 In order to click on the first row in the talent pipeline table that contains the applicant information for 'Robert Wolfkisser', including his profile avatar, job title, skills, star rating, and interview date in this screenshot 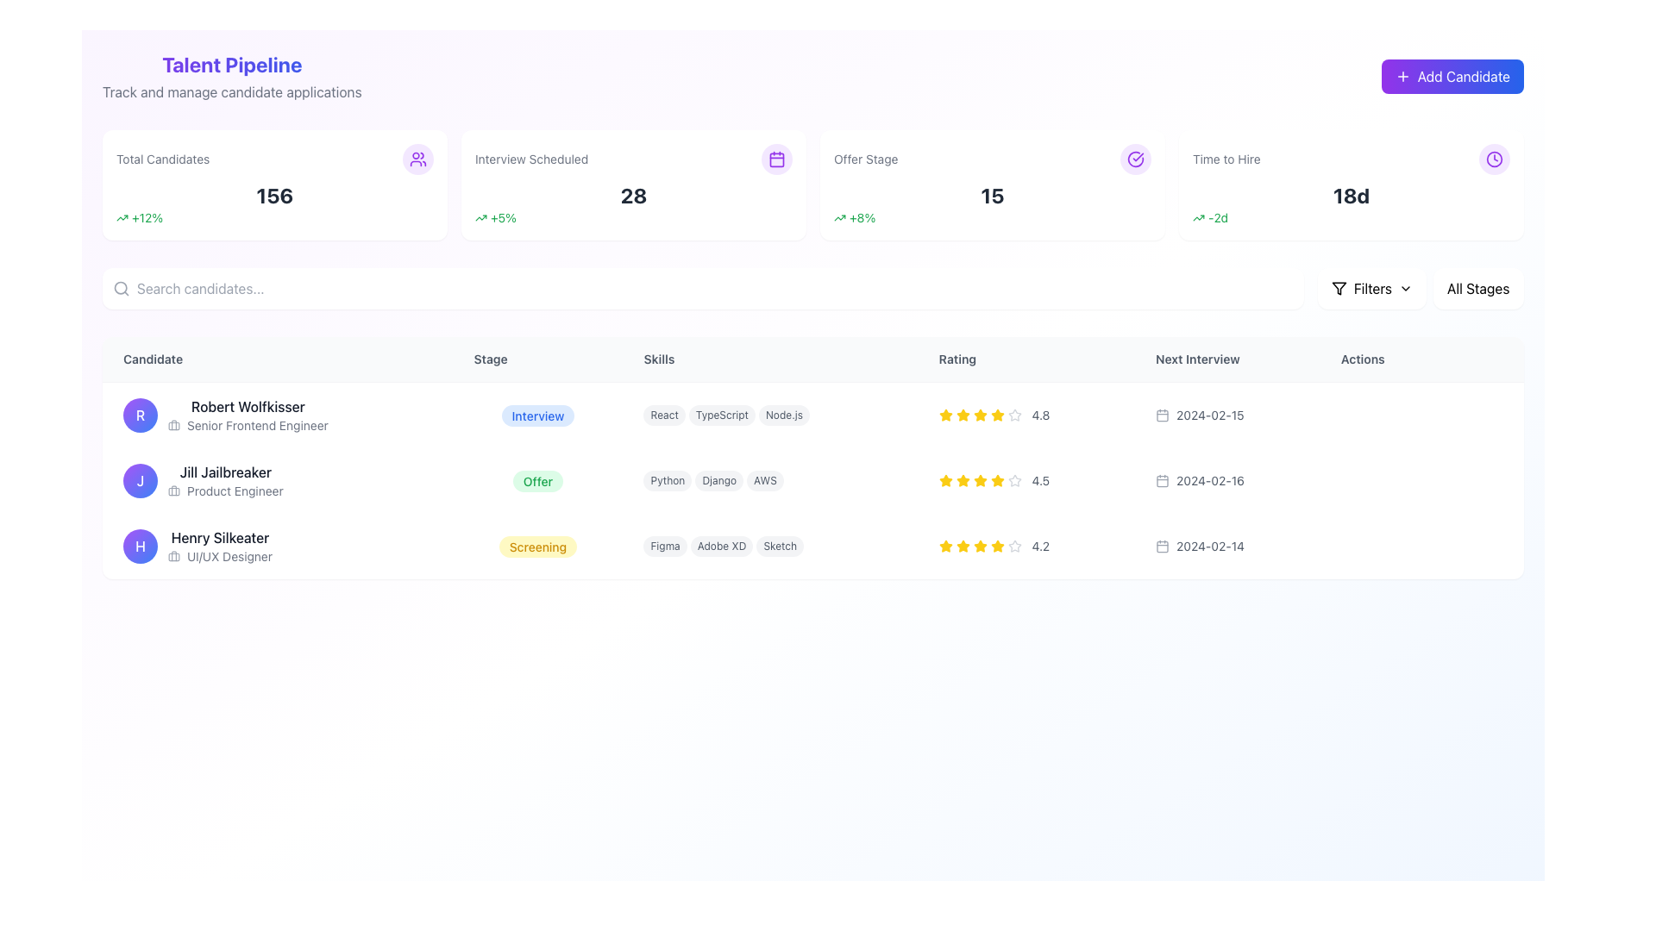, I will do `click(812, 415)`.